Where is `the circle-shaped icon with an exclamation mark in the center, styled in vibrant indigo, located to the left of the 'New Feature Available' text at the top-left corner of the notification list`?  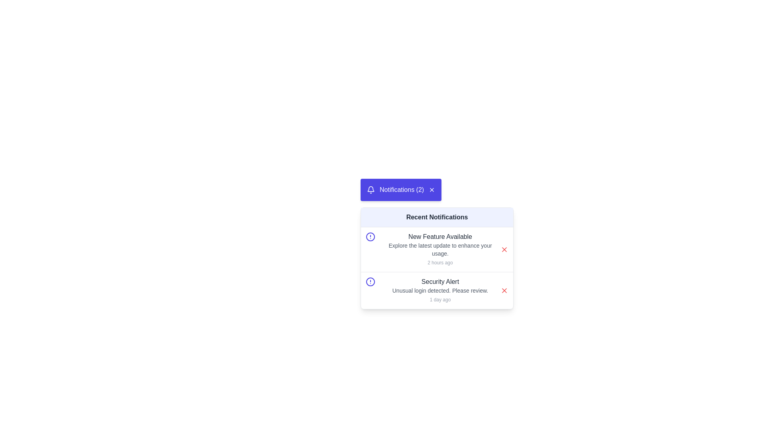 the circle-shaped icon with an exclamation mark in the center, styled in vibrant indigo, located to the left of the 'New Feature Available' text at the top-left corner of the notification list is located at coordinates (370, 236).